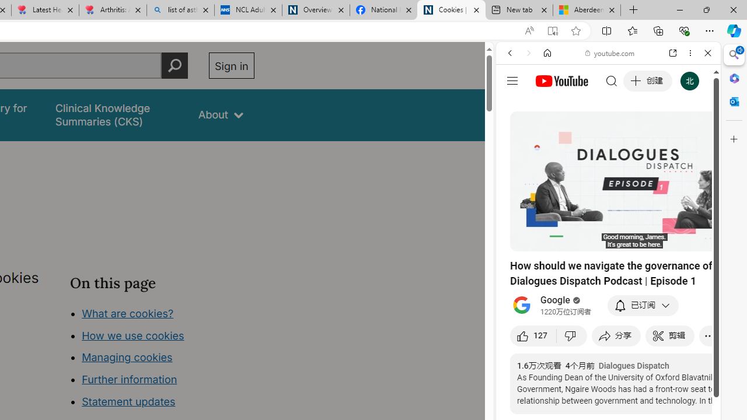 The width and height of the screenshot is (747, 420). I want to click on '#you', so click(608, 260).